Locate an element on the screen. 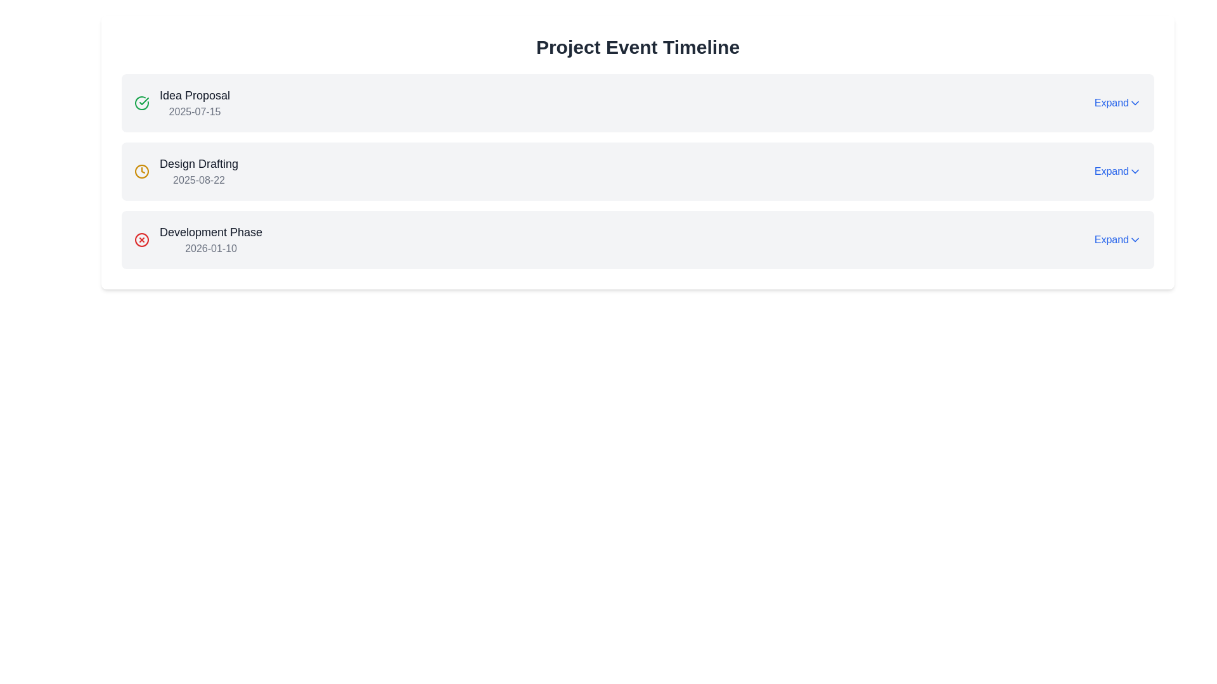 The image size is (1217, 684). the graphical indicator icon that represents an error or cancellation related to the 'Development Phase', positioned next to the text 'Development Phase 2026-01-10' in the third row of a vertically stacked list is located at coordinates (142, 239).